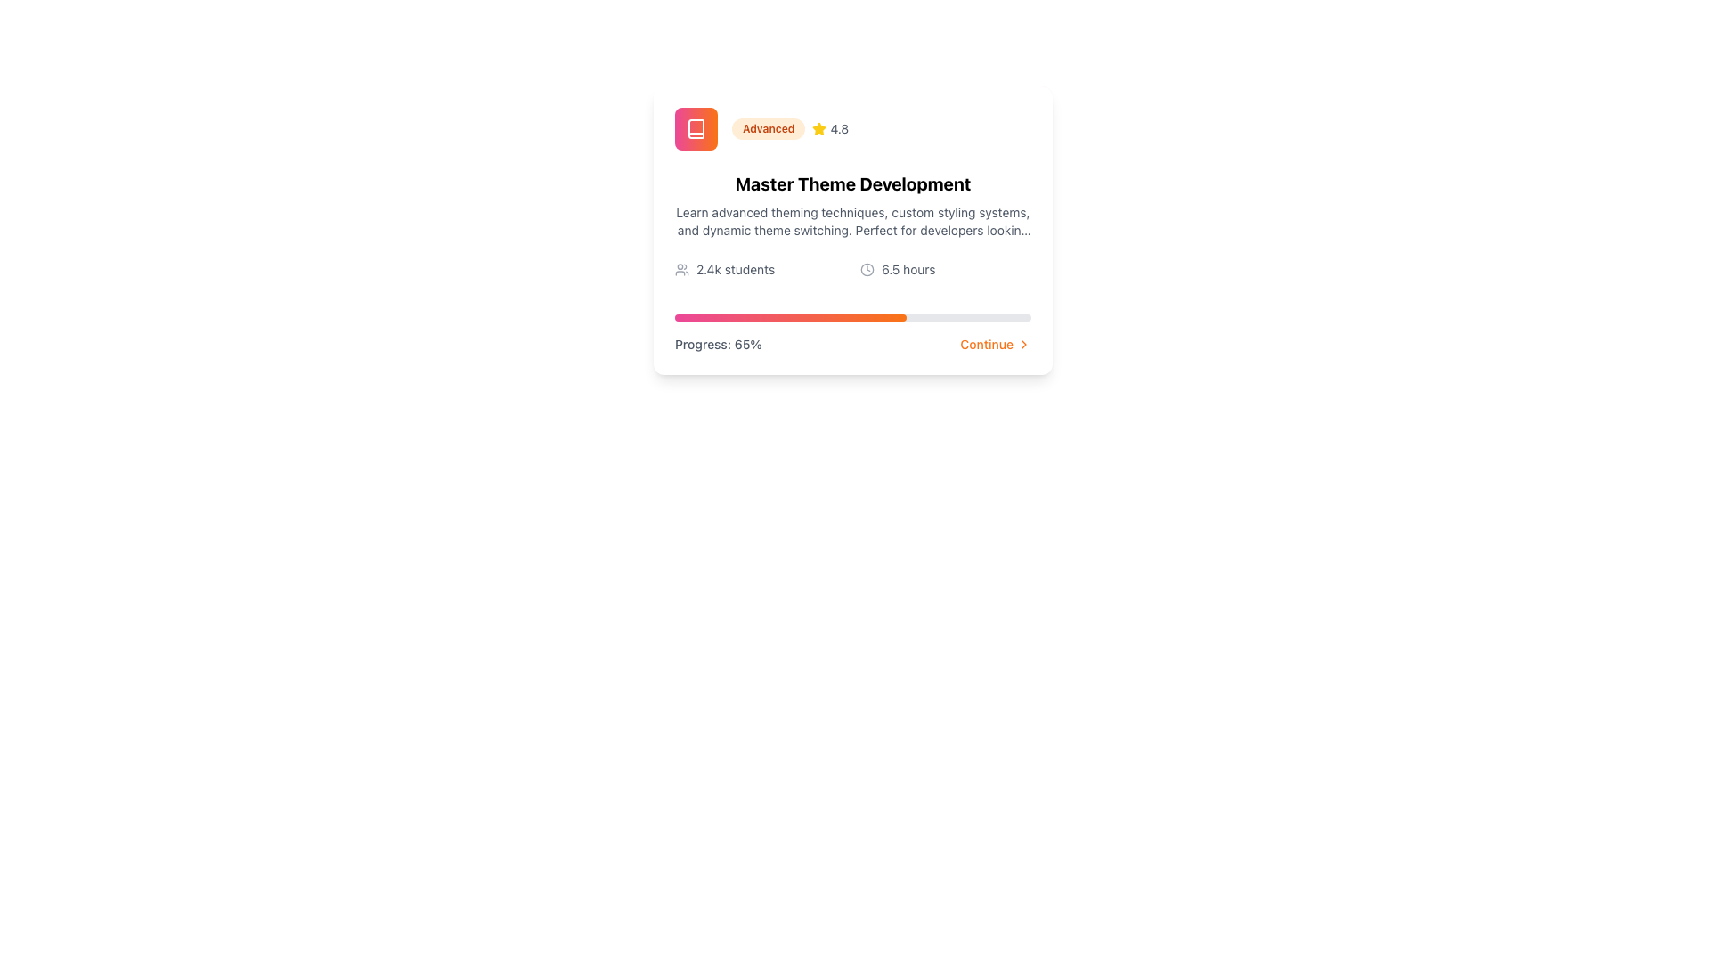 The image size is (1710, 962). Describe the element at coordinates (1024, 344) in the screenshot. I see `the orange rightward-pointing chevron icon located to the right of the 'Continue' text` at that location.